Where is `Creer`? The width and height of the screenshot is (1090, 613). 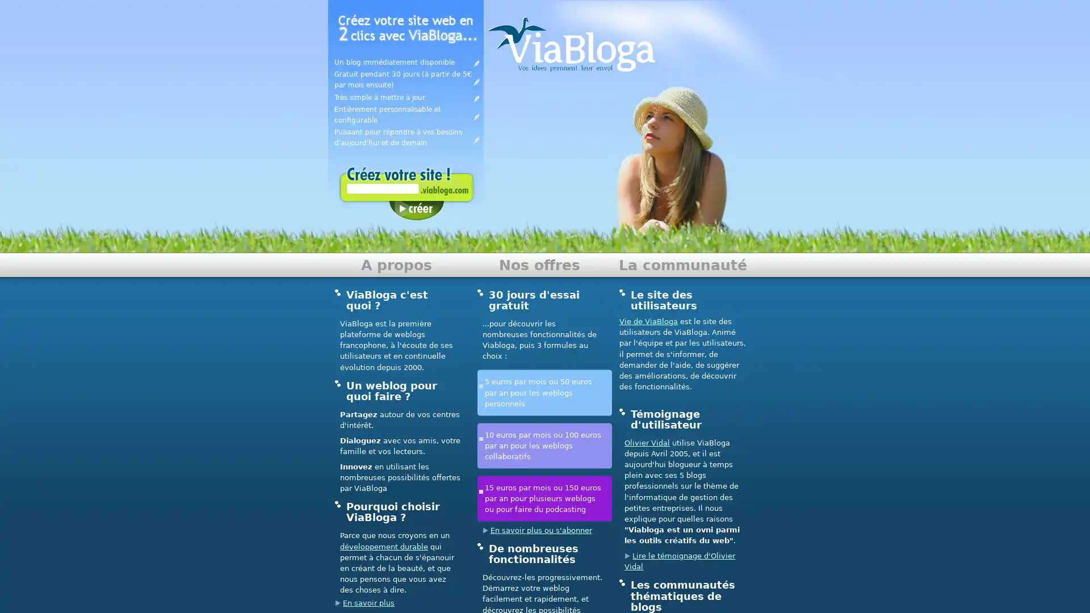 Creer is located at coordinates (416, 210).